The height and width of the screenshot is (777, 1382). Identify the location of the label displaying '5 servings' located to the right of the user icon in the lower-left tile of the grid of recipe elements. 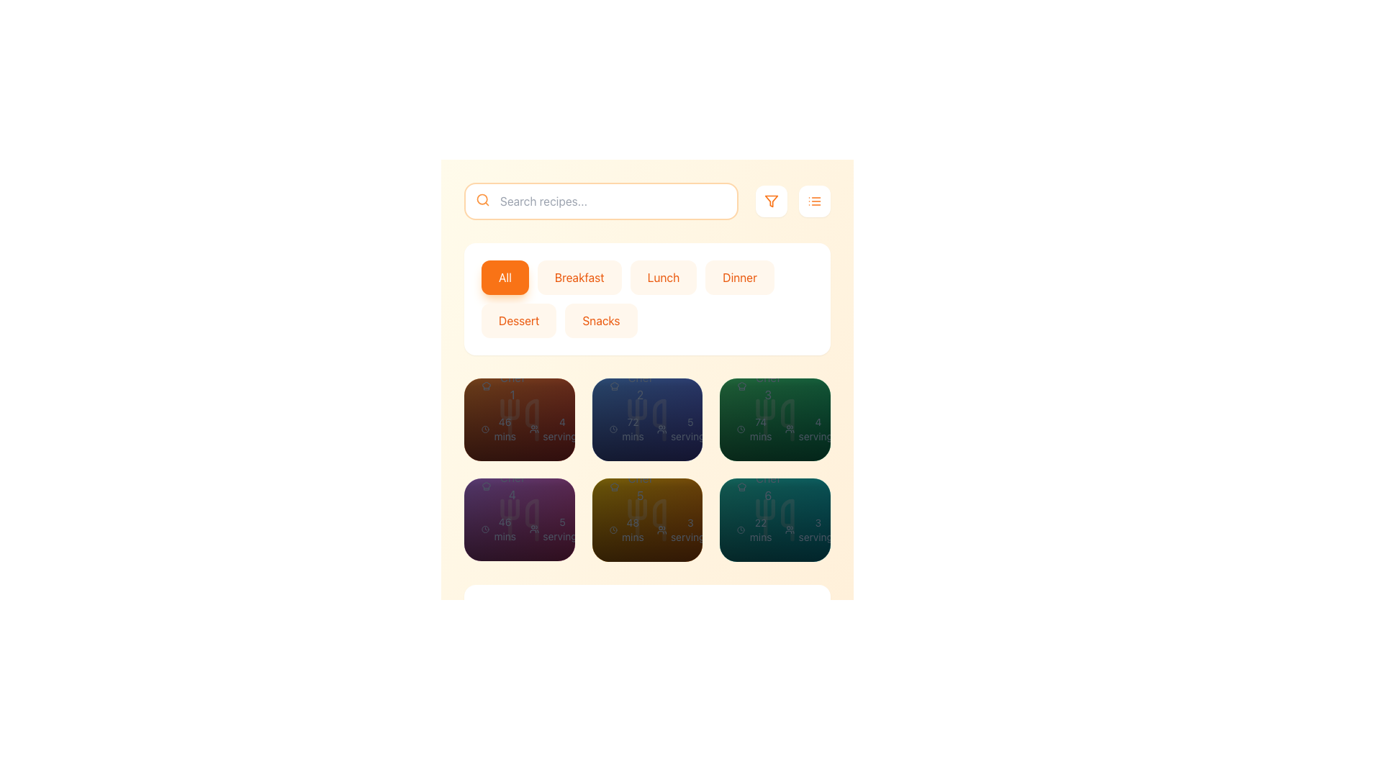
(555, 530).